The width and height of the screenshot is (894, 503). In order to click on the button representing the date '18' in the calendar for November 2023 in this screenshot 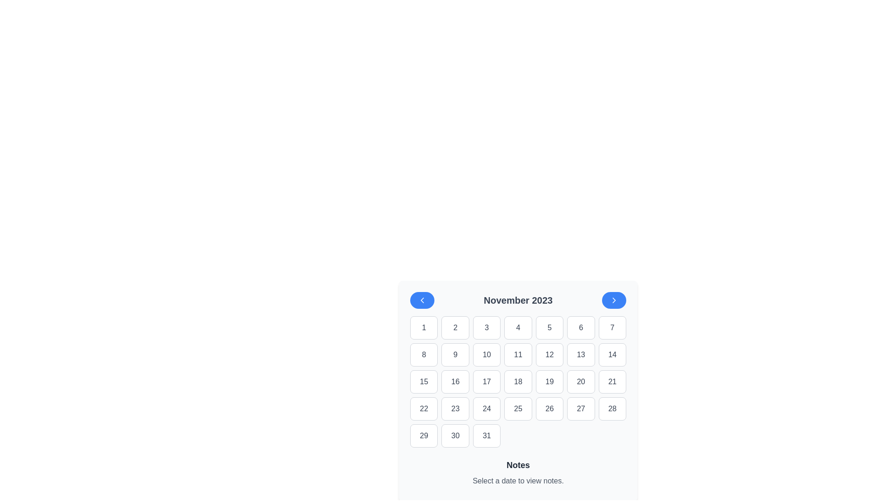, I will do `click(518, 382)`.